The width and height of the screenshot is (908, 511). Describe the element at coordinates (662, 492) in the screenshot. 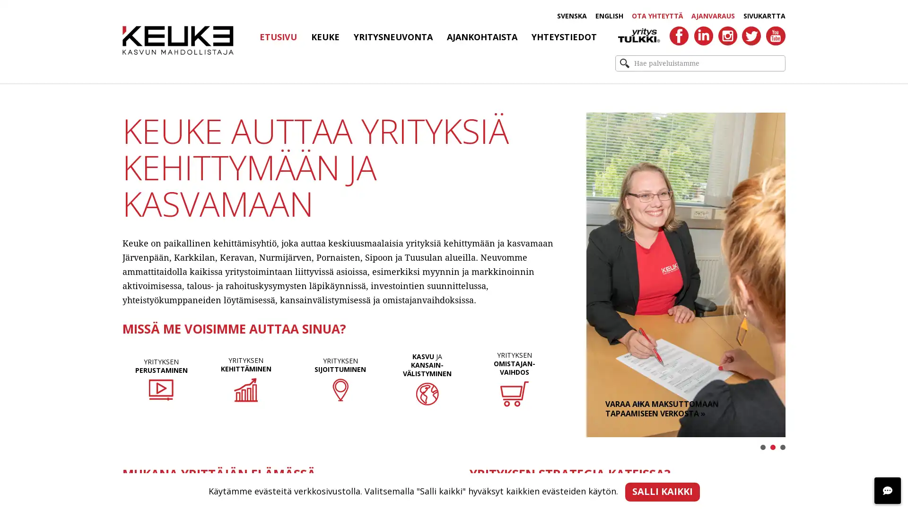

I see `Salli kaikki` at that location.